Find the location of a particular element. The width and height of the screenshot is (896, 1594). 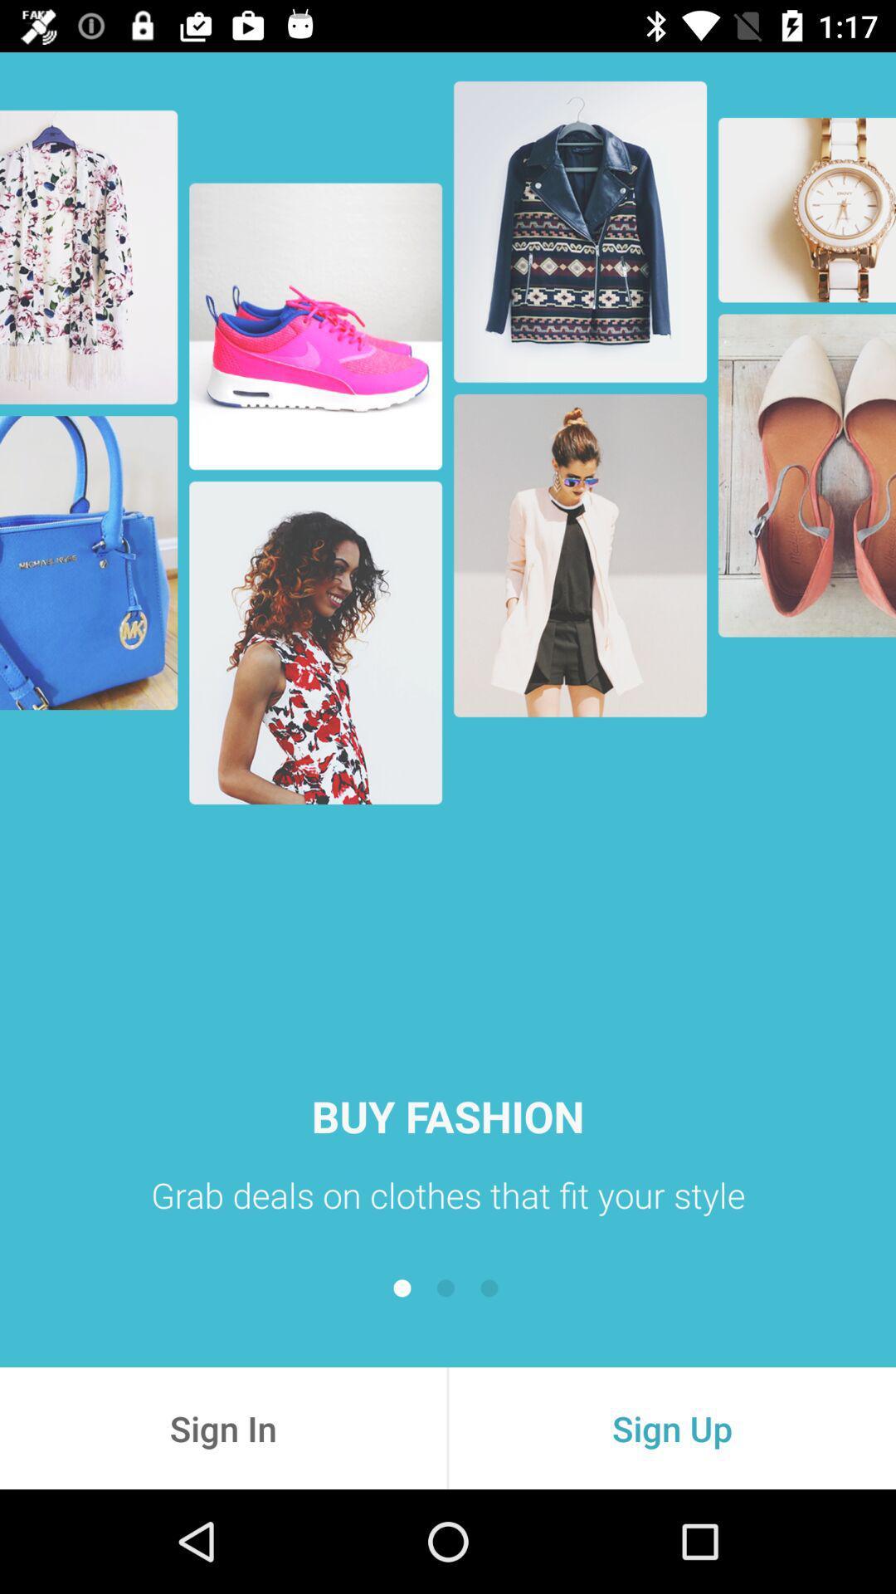

sign in item is located at coordinates (222, 1427).